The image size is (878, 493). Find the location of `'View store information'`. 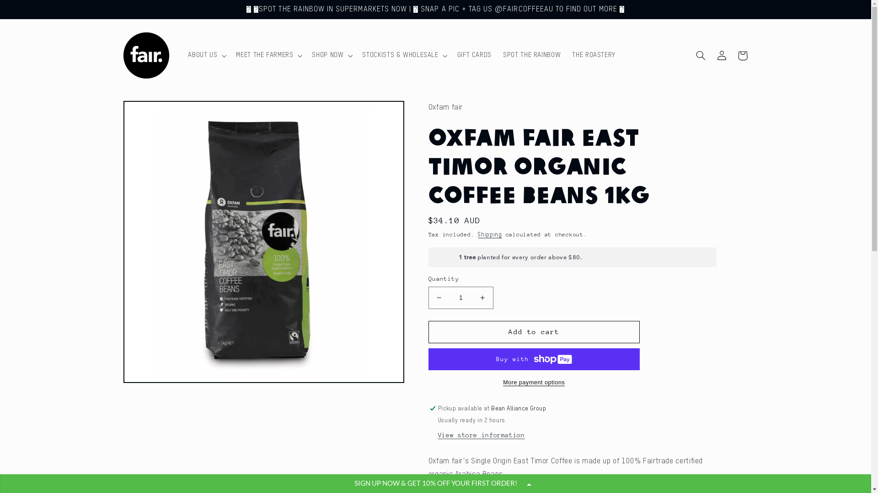

'View store information' is located at coordinates (438, 435).